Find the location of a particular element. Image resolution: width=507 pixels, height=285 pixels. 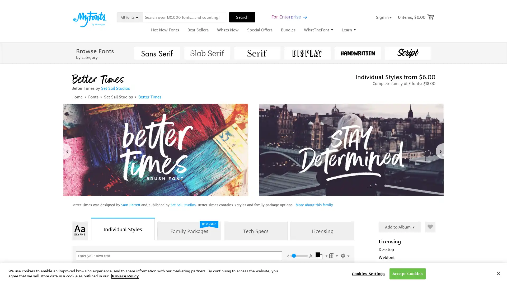

Select Color is located at coordinates (320, 255).